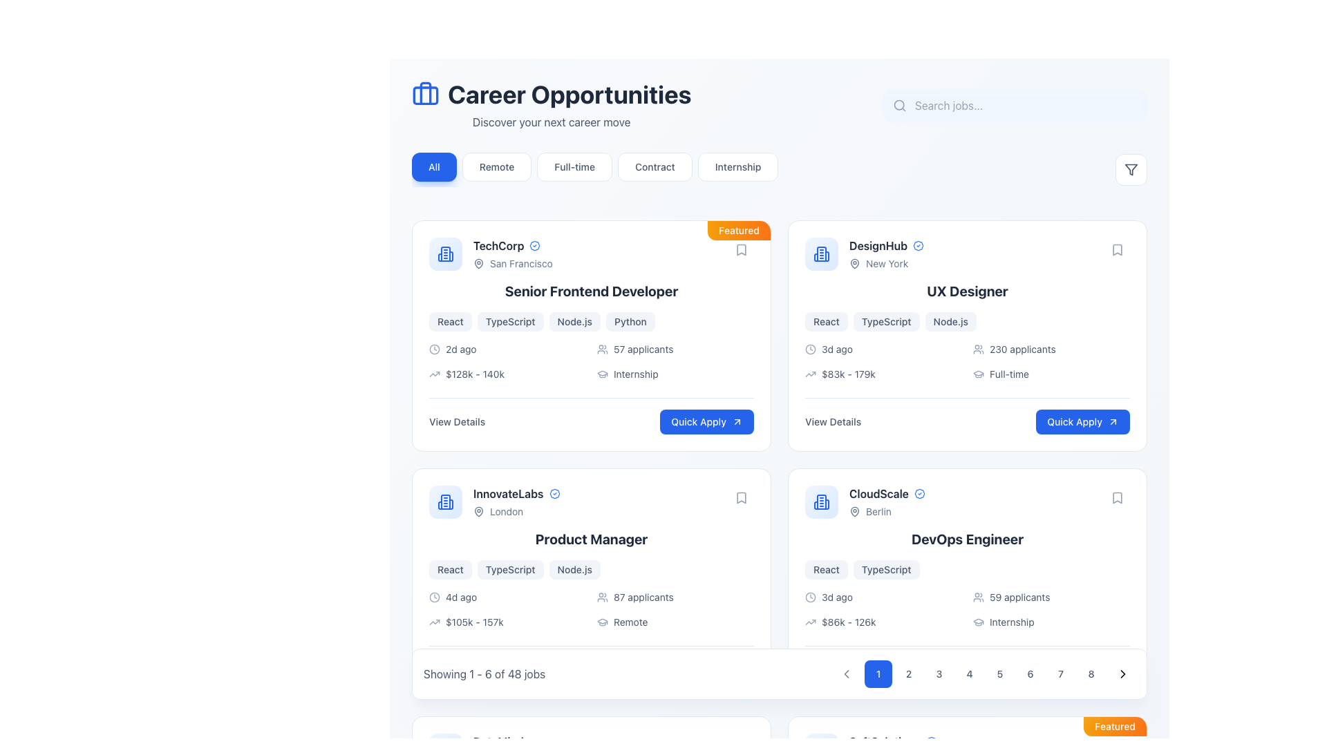 The image size is (1327, 746). What do you see at coordinates (865, 501) in the screenshot?
I see `the informational block for the job listing of 'CloudScale' located in Berlin, which includes a building icon, company name with a checkmark, and location details` at bounding box center [865, 501].